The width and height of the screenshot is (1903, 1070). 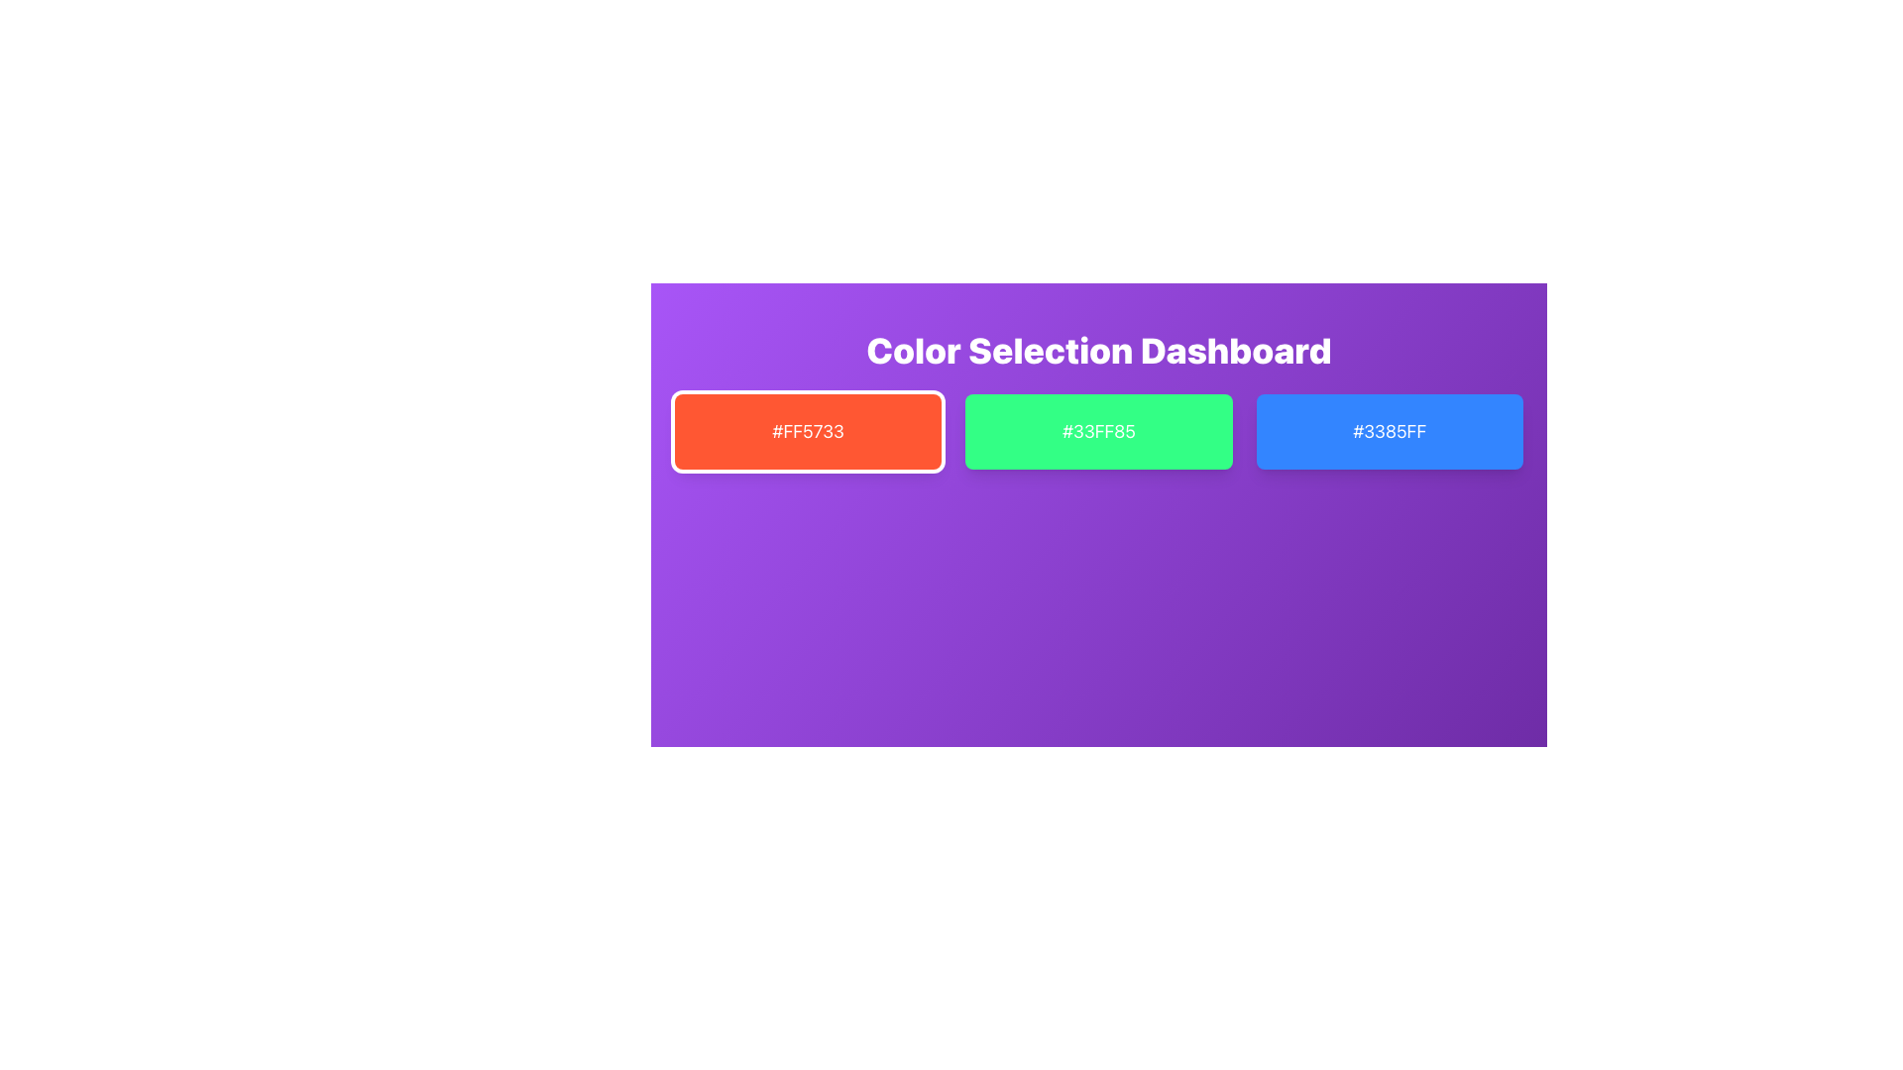 I want to click on the first button in a row of three buttons that visually represents the color '#FF5733', so click(x=808, y=430).